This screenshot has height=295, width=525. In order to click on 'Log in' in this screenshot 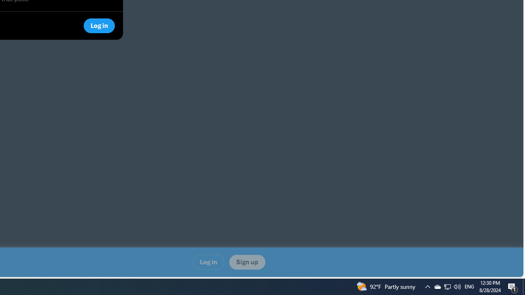, I will do `click(208, 262)`.